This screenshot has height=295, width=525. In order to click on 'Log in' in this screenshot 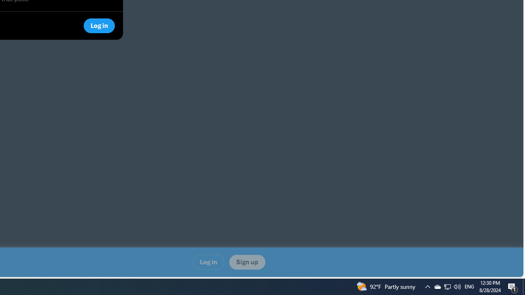, I will do `click(208, 262)`.